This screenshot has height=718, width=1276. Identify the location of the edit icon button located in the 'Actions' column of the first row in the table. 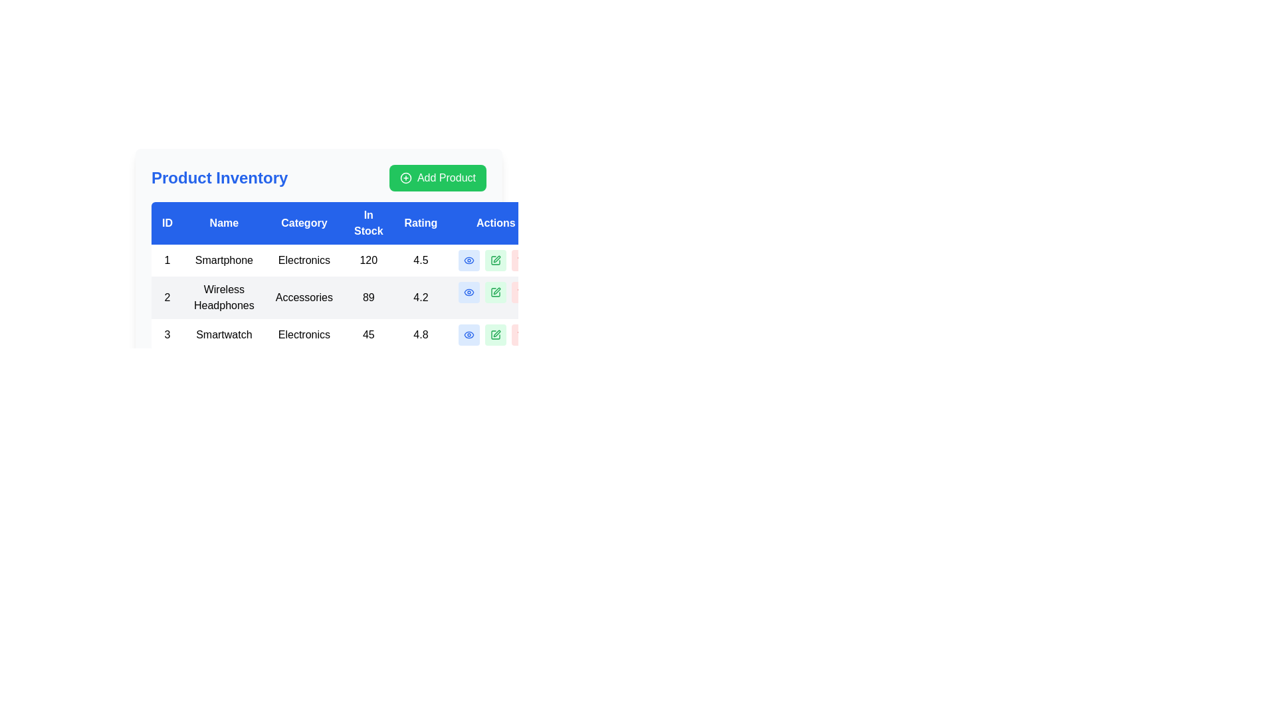
(495, 261).